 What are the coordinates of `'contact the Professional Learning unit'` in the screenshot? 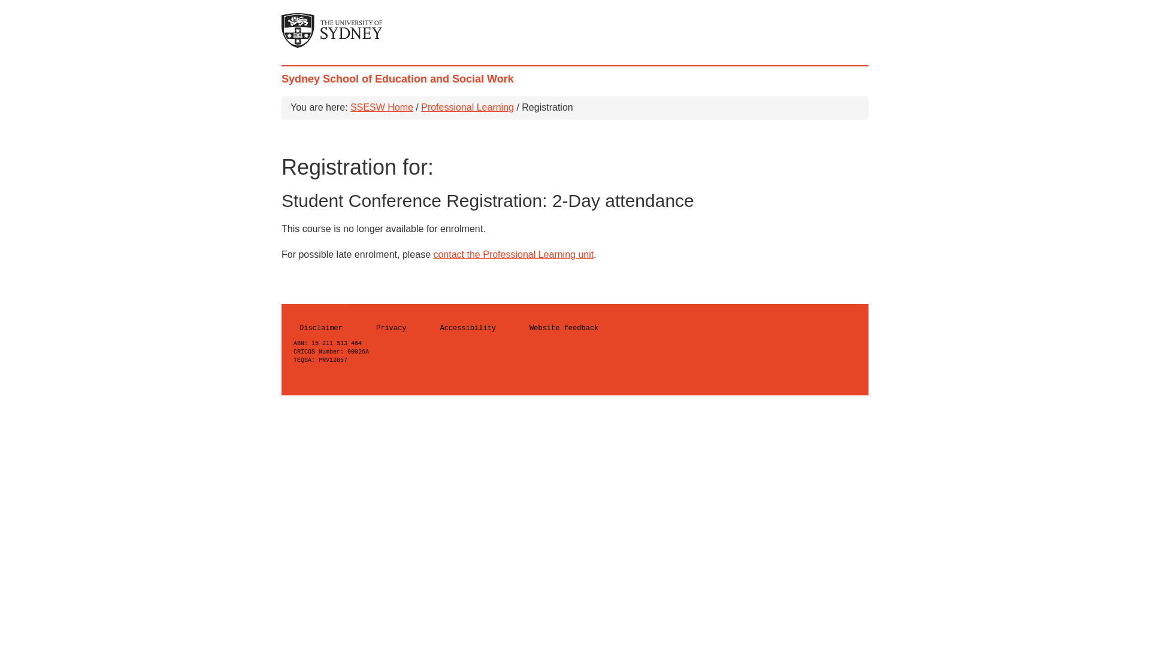 It's located at (513, 254).